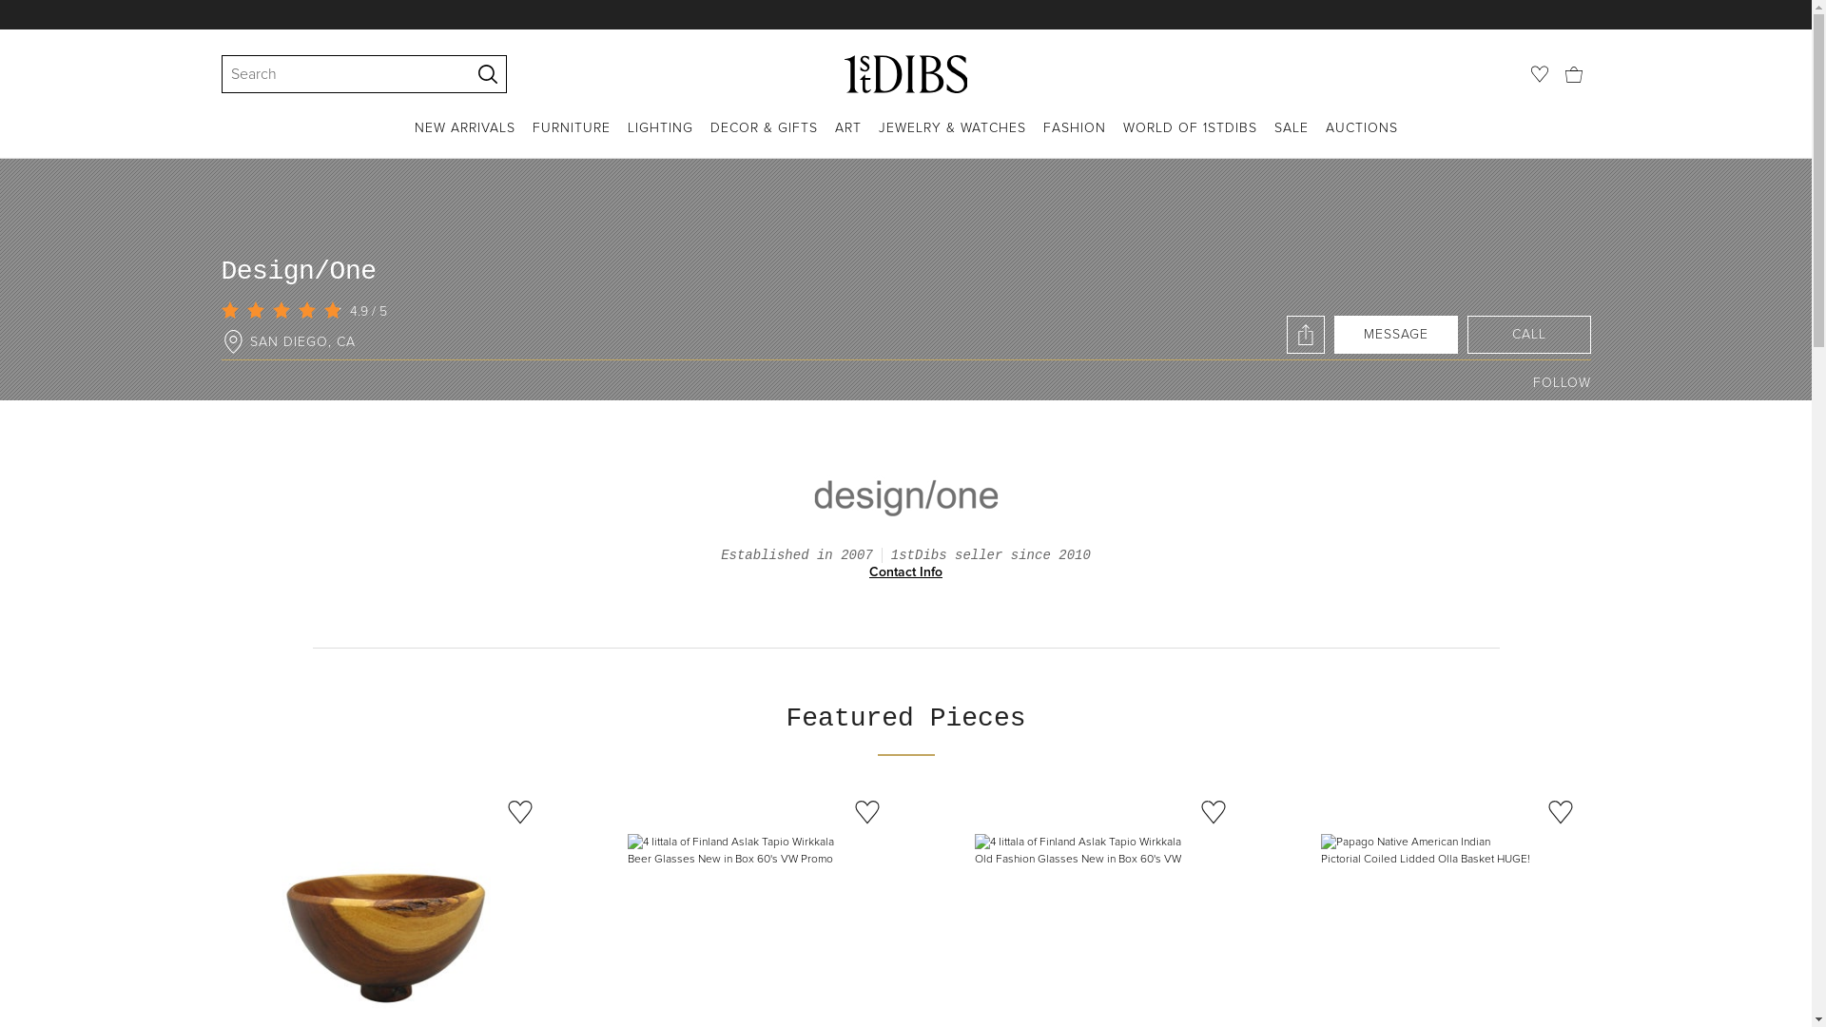 This screenshot has height=1027, width=1826. What do you see at coordinates (660, 137) in the screenshot?
I see `'LIGHTING'` at bounding box center [660, 137].